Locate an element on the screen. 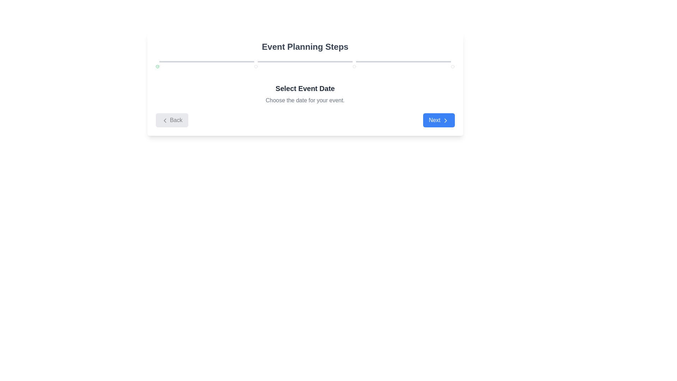  the first icon in the progress tracker which indicates the completion of the first step is located at coordinates (157, 67).